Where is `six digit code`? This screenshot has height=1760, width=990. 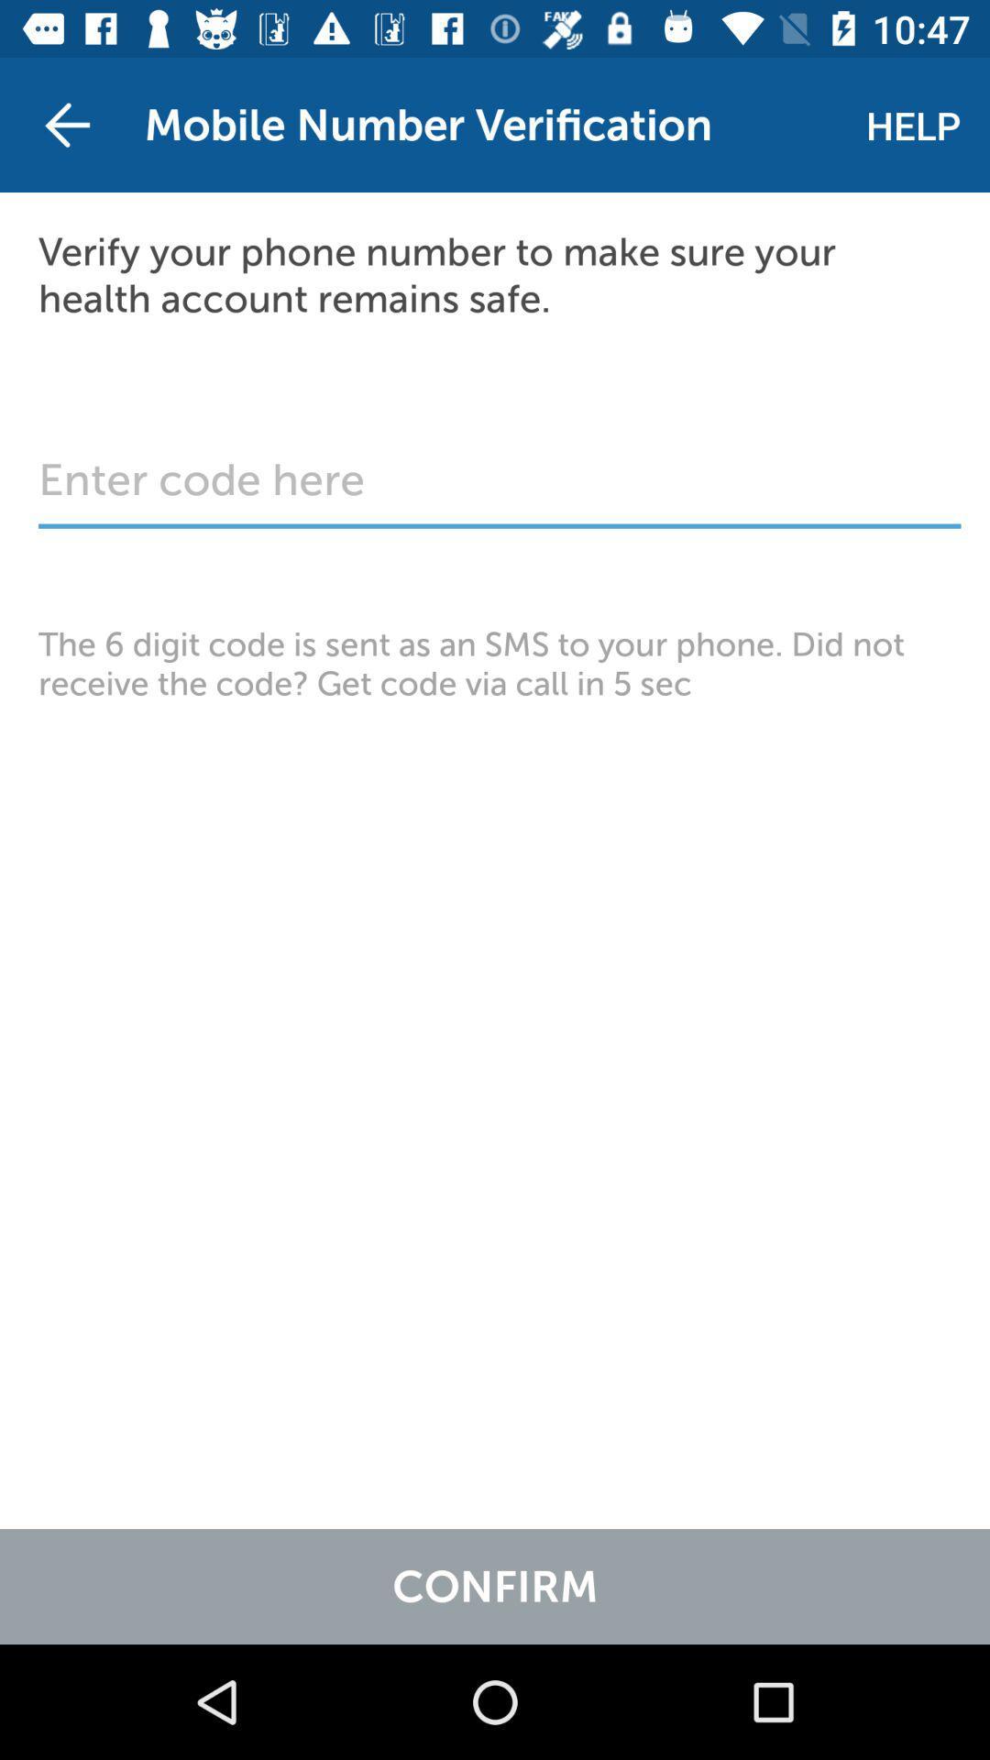 six digit code is located at coordinates (500, 489).